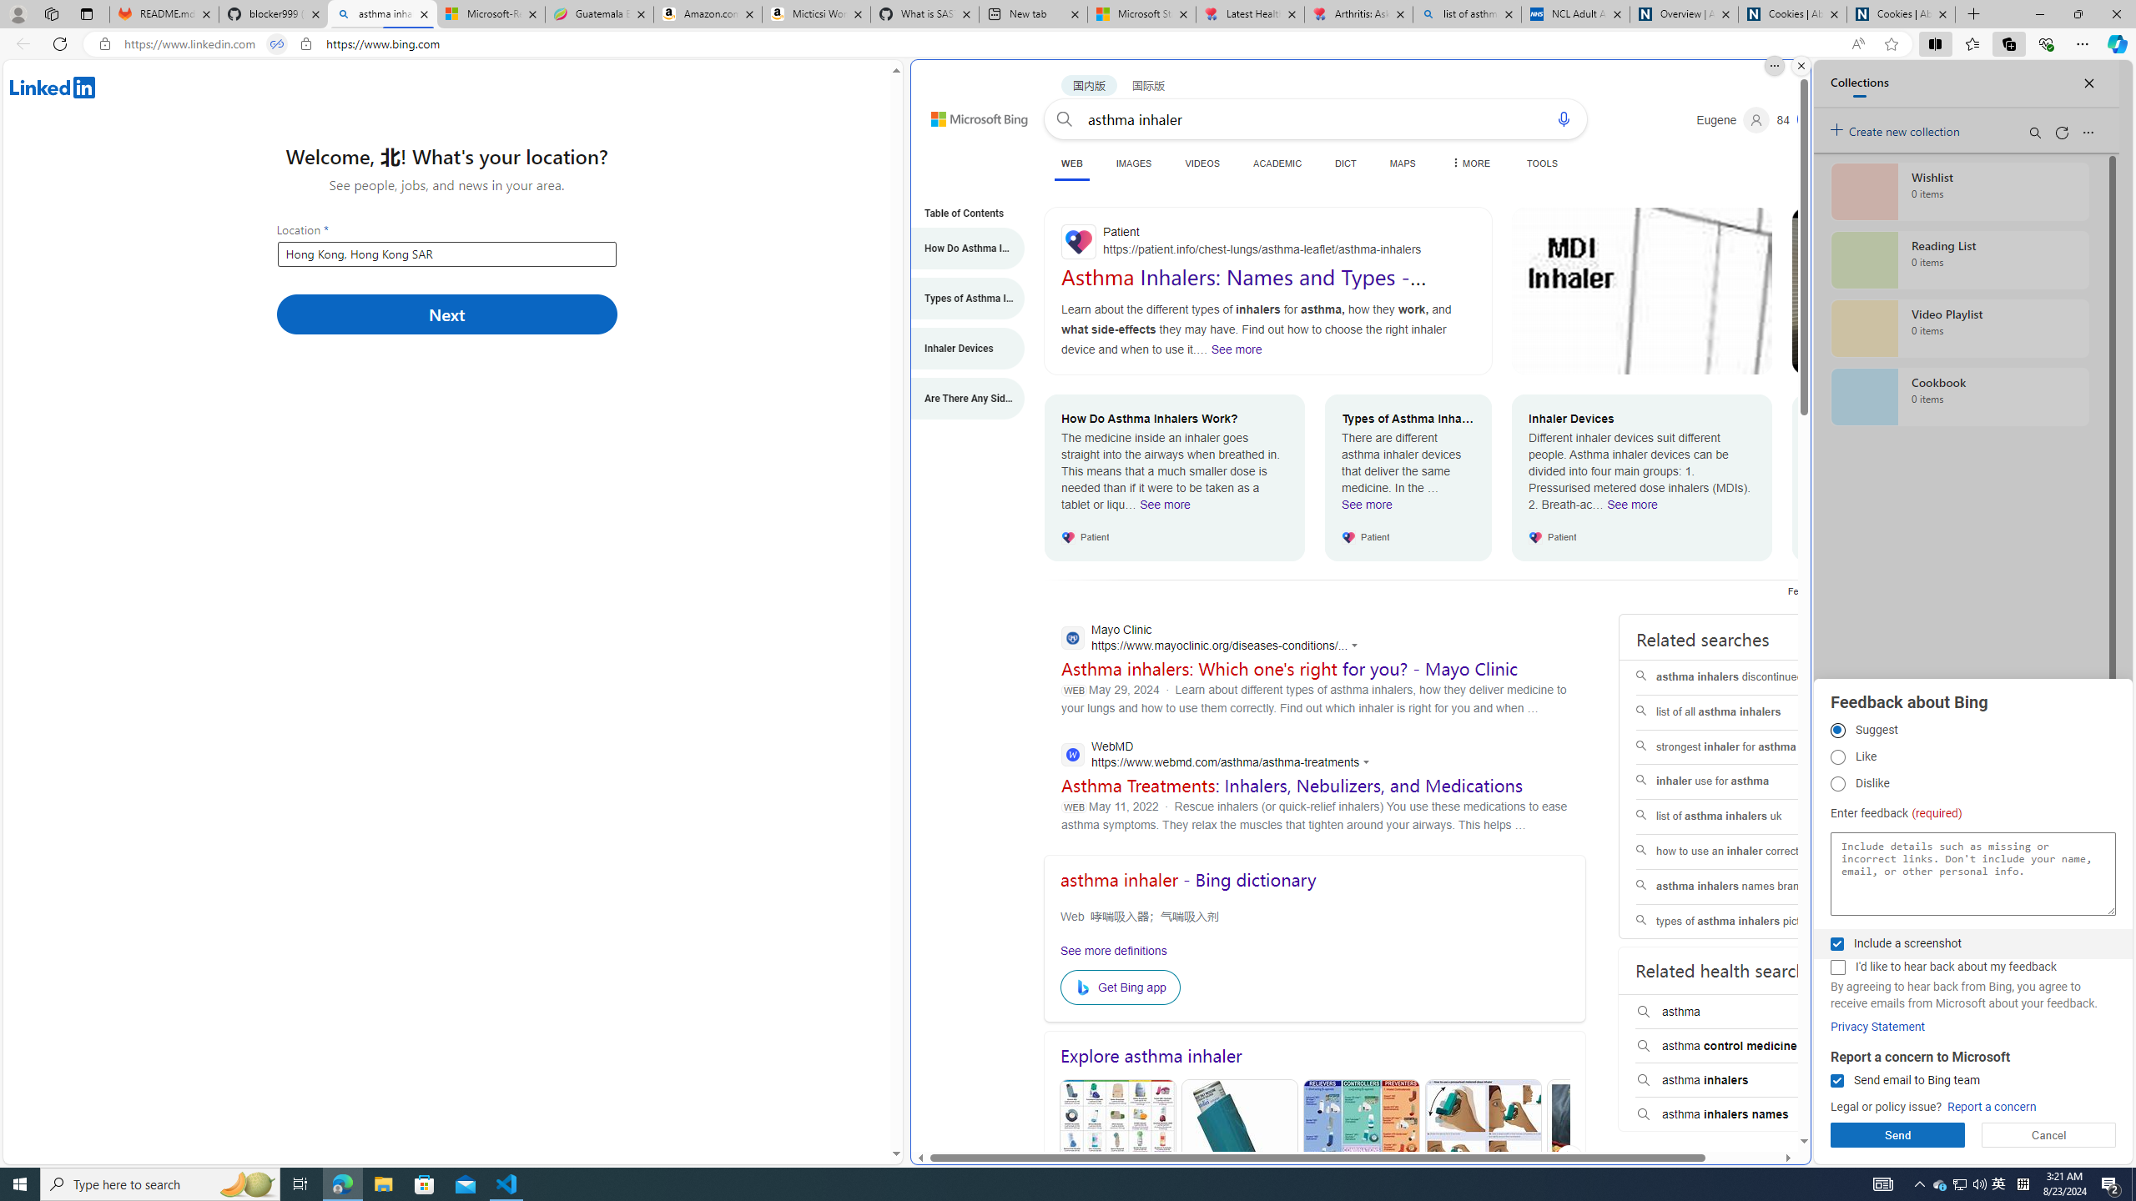  I want to click on 'MORE', so click(1469, 163).